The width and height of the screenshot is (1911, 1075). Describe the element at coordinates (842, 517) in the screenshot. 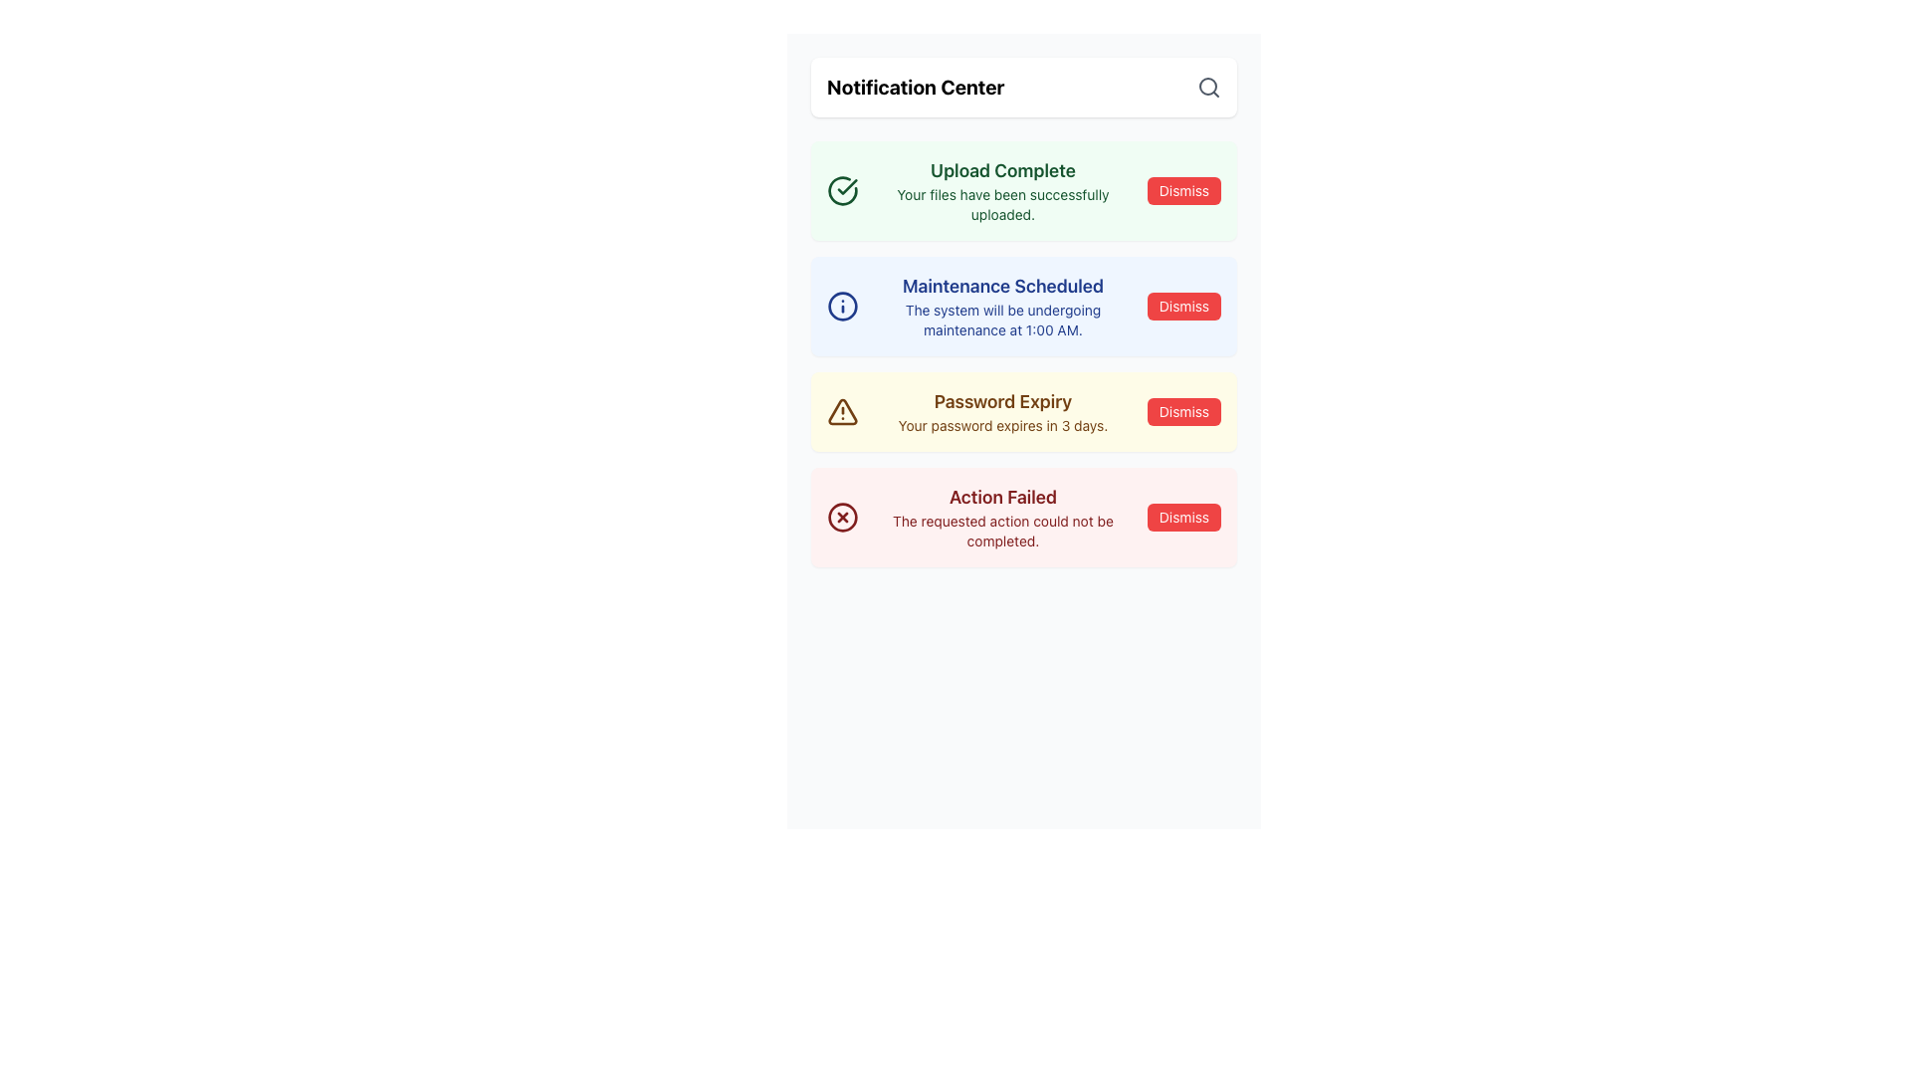

I see `the red circular icon with a white background and red cross (X) located in the left section of the notification box that displays 'Action Failed'` at that location.